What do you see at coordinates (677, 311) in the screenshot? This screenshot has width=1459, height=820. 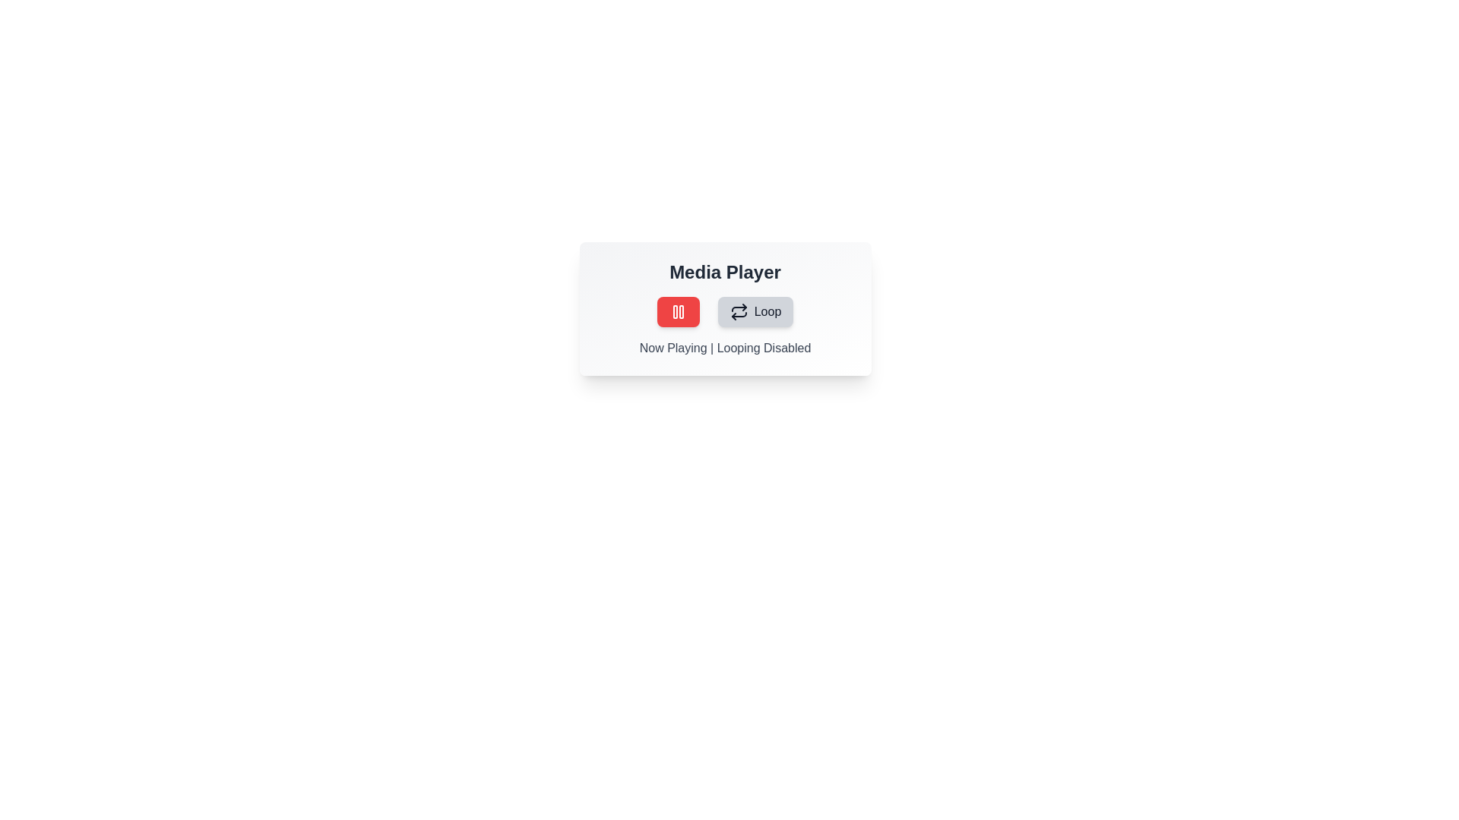 I see `the play/pause button to toggle the play/pause state` at bounding box center [677, 311].